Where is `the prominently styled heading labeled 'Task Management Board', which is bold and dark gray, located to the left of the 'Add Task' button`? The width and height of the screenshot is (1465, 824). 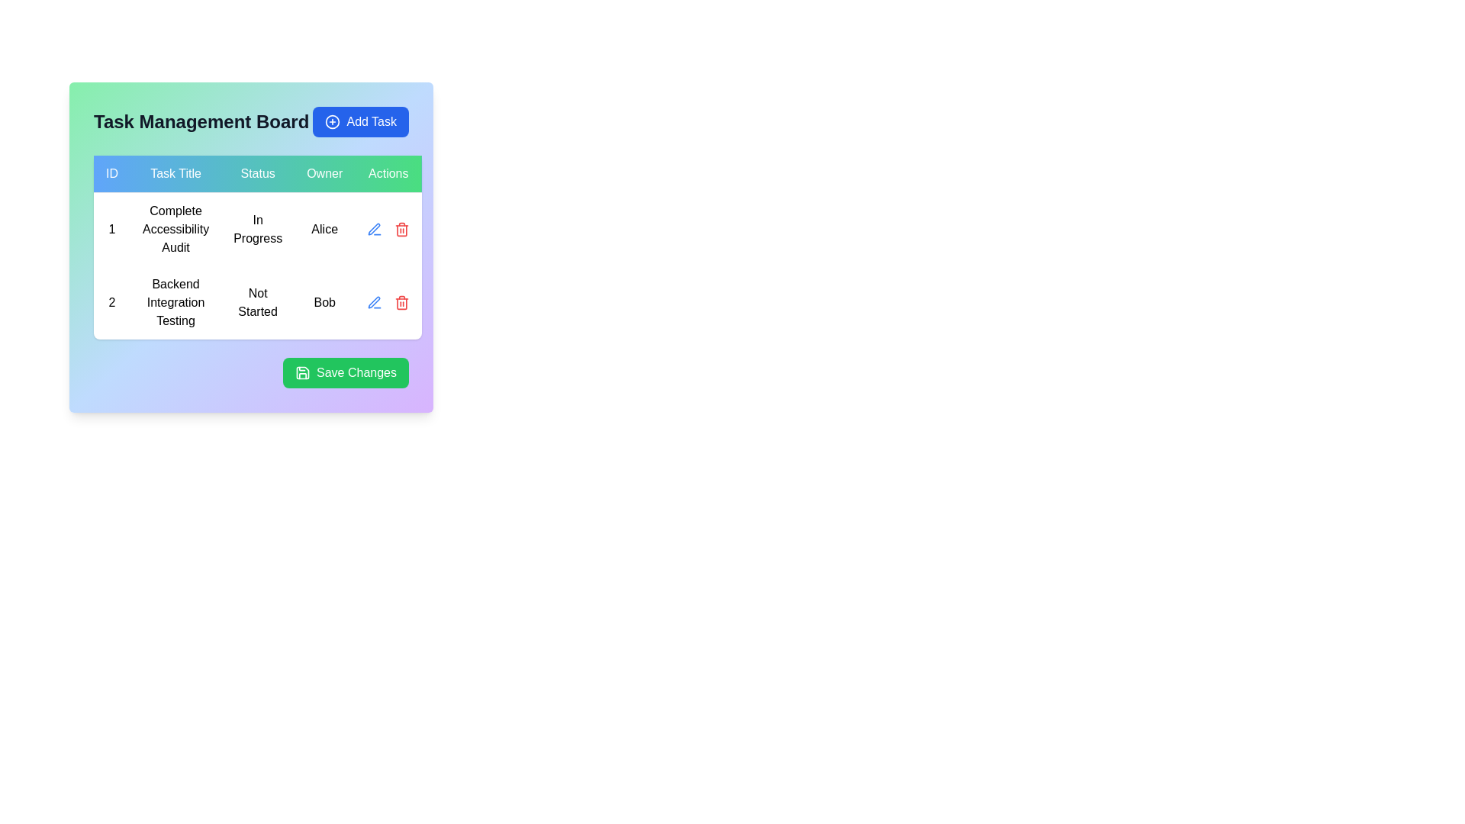 the prominently styled heading labeled 'Task Management Board', which is bold and dark gray, located to the left of the 'Add Task' button is located at coordinates (201, 121).